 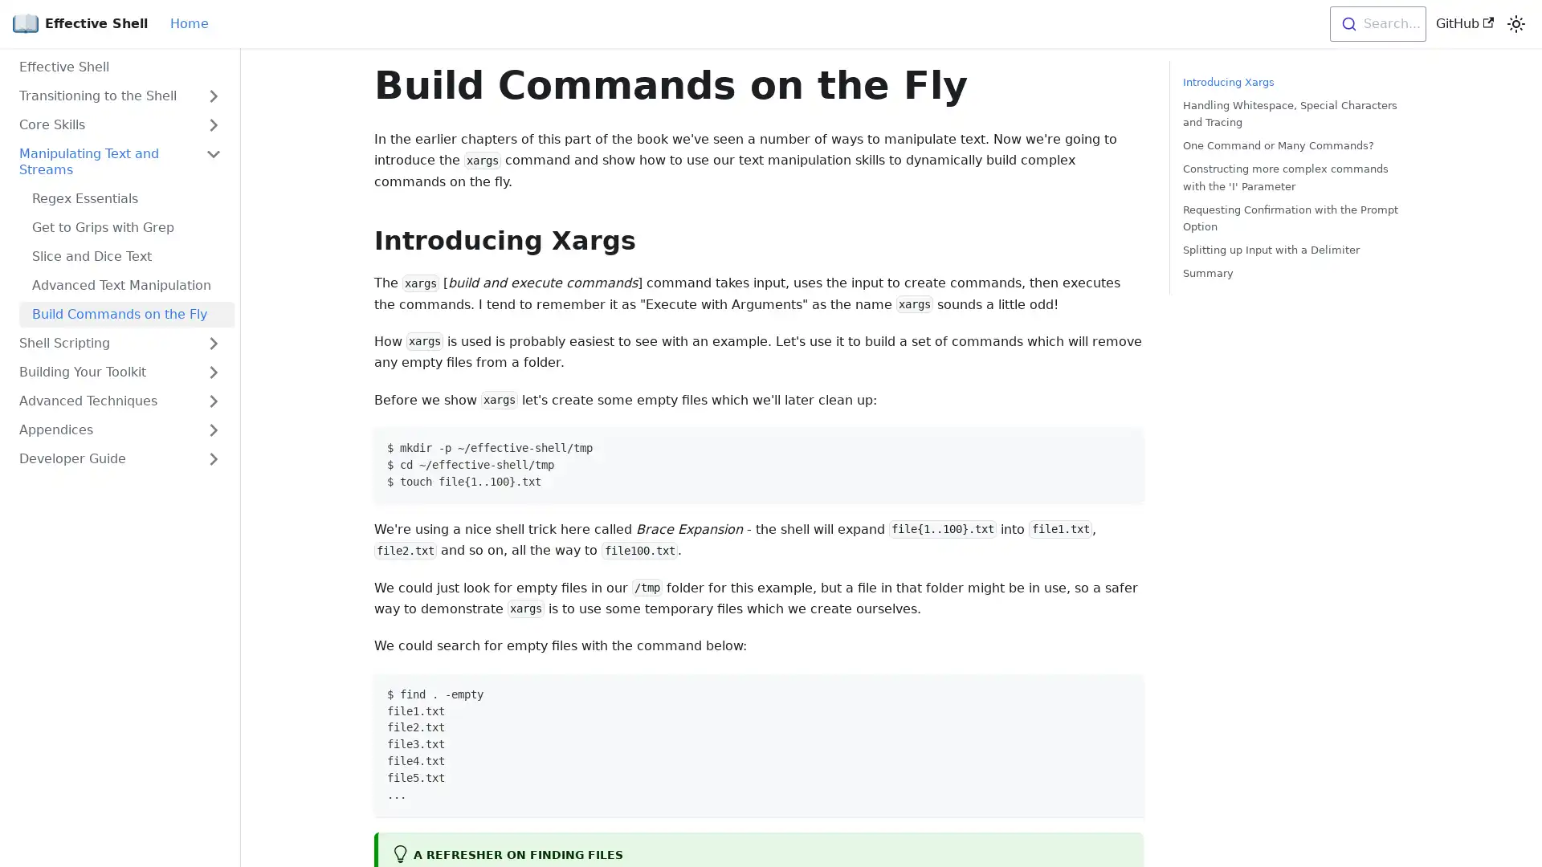 I want to click on Switch between dark and light mode (currently light mode), so click(x=1515, y=24).